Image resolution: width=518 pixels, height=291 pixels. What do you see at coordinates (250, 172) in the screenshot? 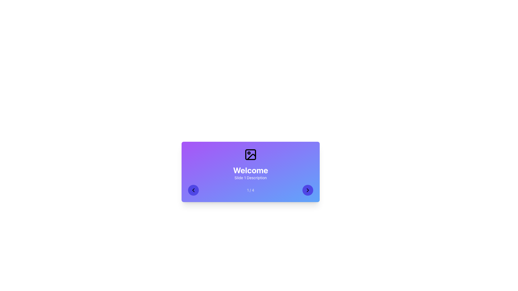
I see `the central area of the Card element that displays the title and description of the current slide in the slideshow or carousel to interact with its embedded components` at bounding box center [250, 172].